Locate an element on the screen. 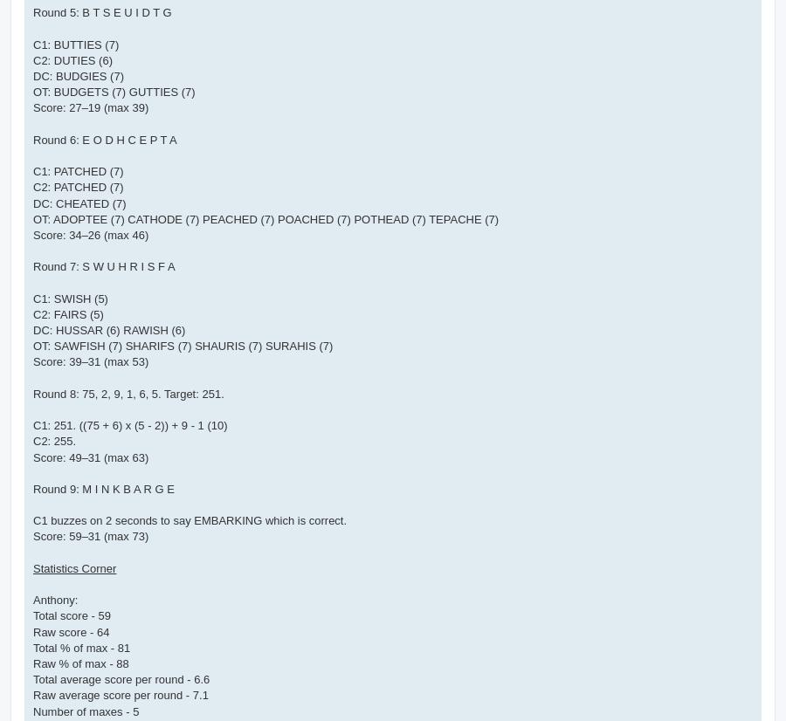 The image size is (786, 721). 'DC: CHEATED (7)' is located at coordinates (78, 202).